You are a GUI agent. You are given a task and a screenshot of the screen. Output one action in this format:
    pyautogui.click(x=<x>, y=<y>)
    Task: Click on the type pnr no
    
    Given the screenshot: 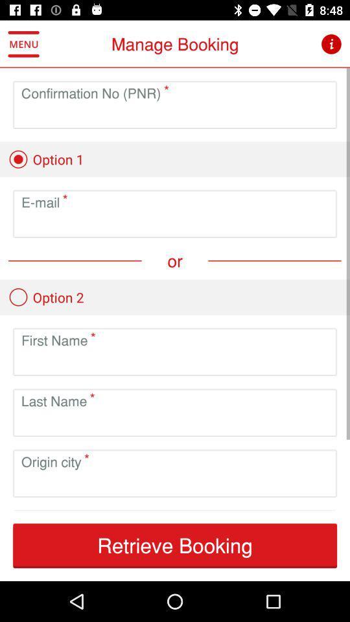 What is the action you would take?
    pyautogui.click(x=175, y=114)
    